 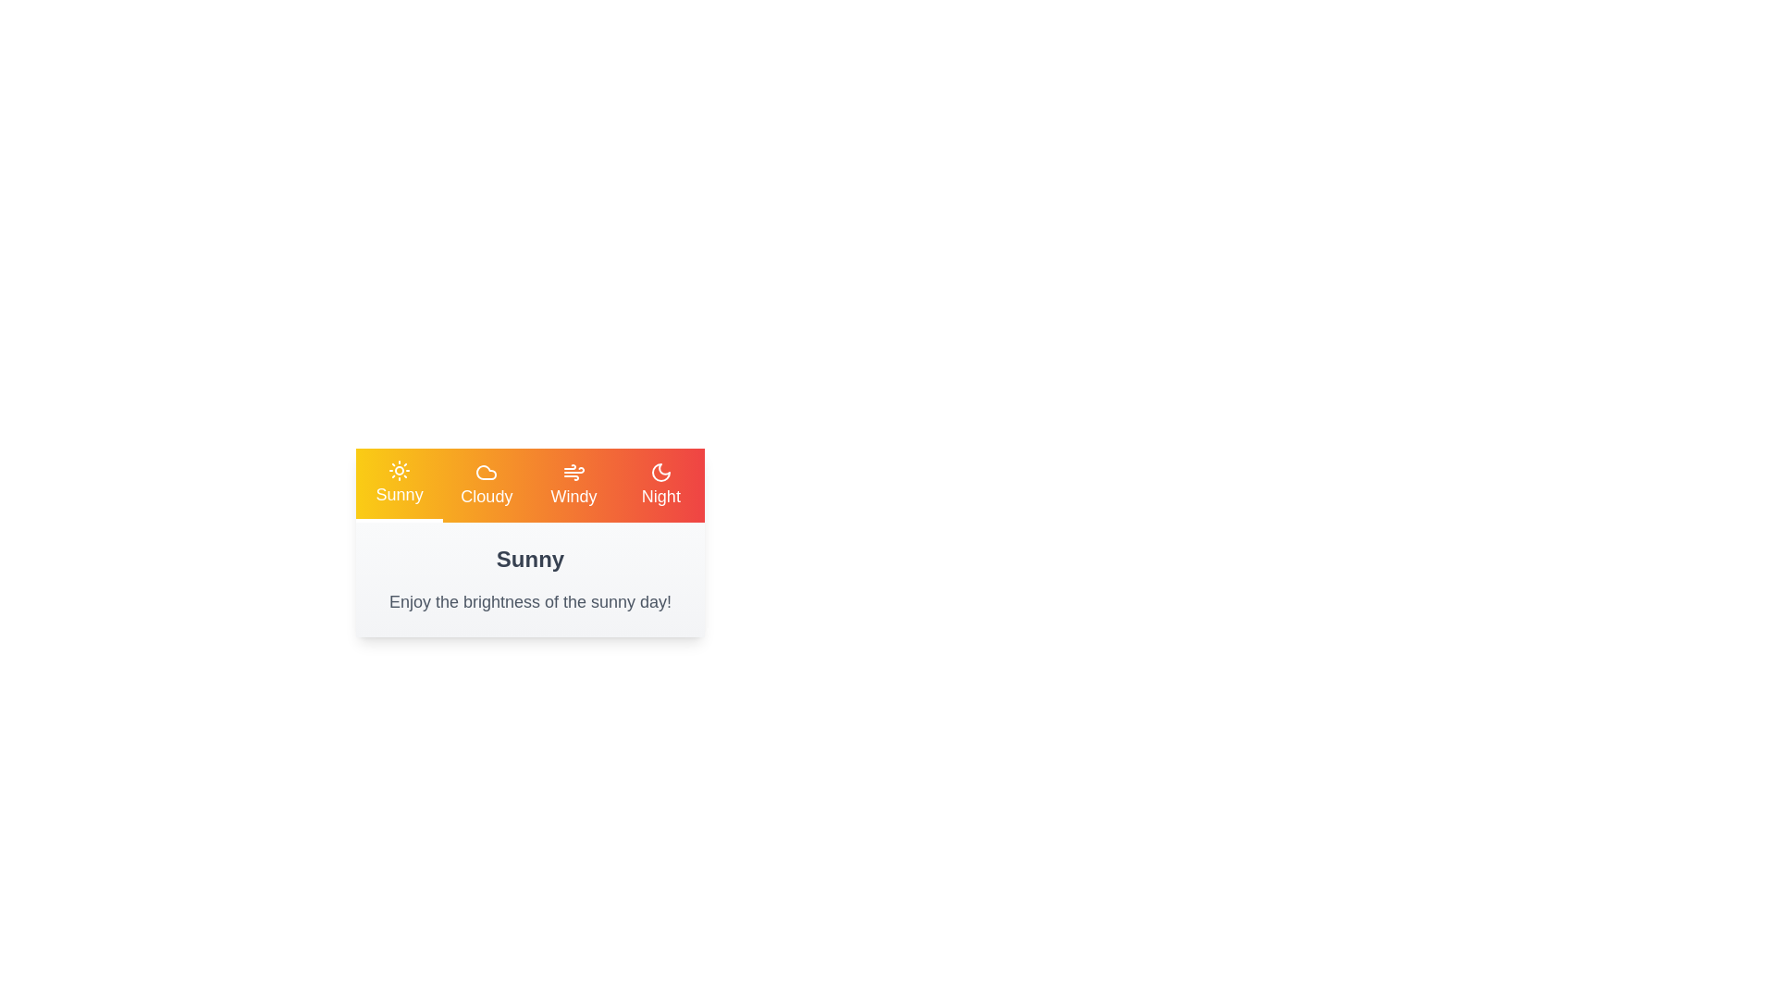 I want to click on the Windy tab to observe its visual state change, so click(x=572, y=484).